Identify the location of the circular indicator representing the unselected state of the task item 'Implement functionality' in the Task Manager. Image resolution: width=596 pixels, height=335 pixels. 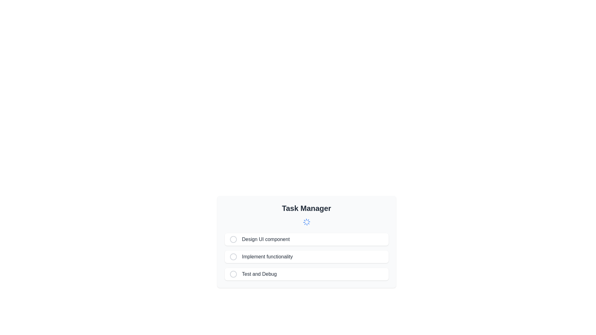
(233, 257).